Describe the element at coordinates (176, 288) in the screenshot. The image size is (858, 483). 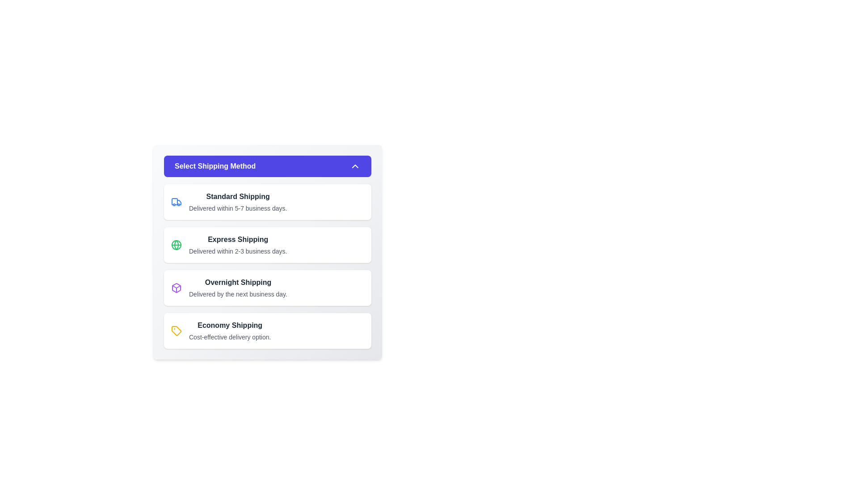
I see `the main structural shape of the 3D box icon, which is styled in purple and outlined as a wireframe-like object` at that location.